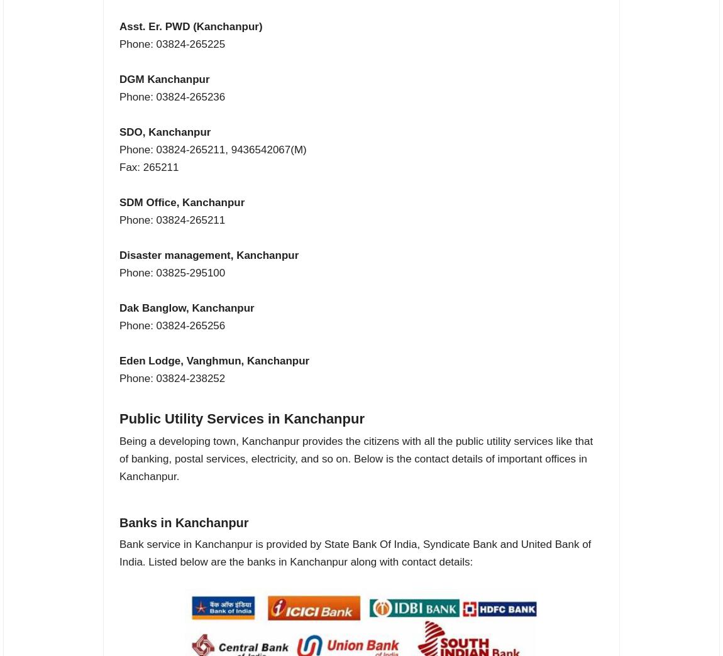  I want to click on 'Disaster management, Kanchanpur', so click(209, 254).